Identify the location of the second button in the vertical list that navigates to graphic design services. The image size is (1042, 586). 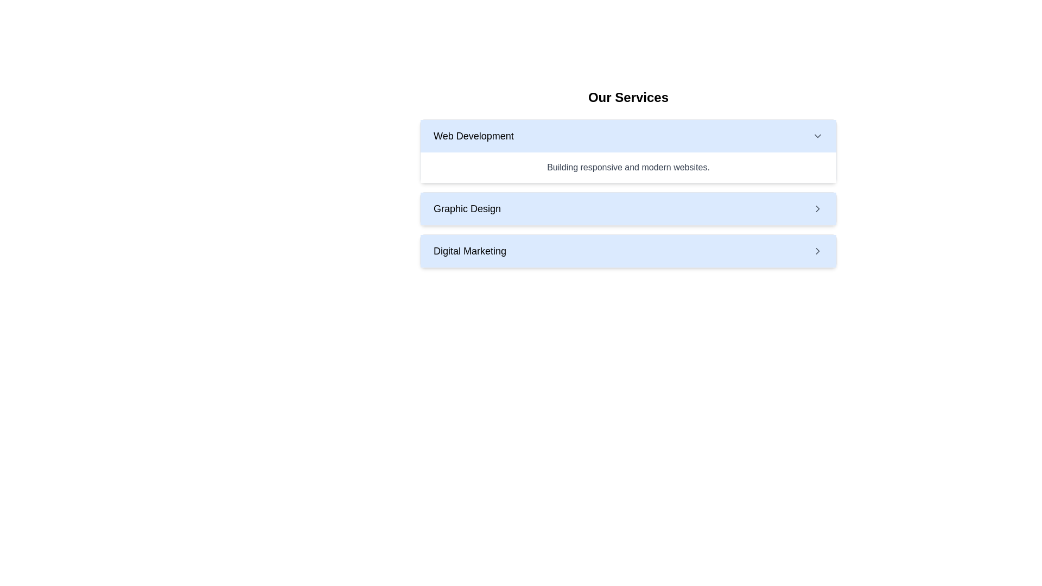
(628, 209).